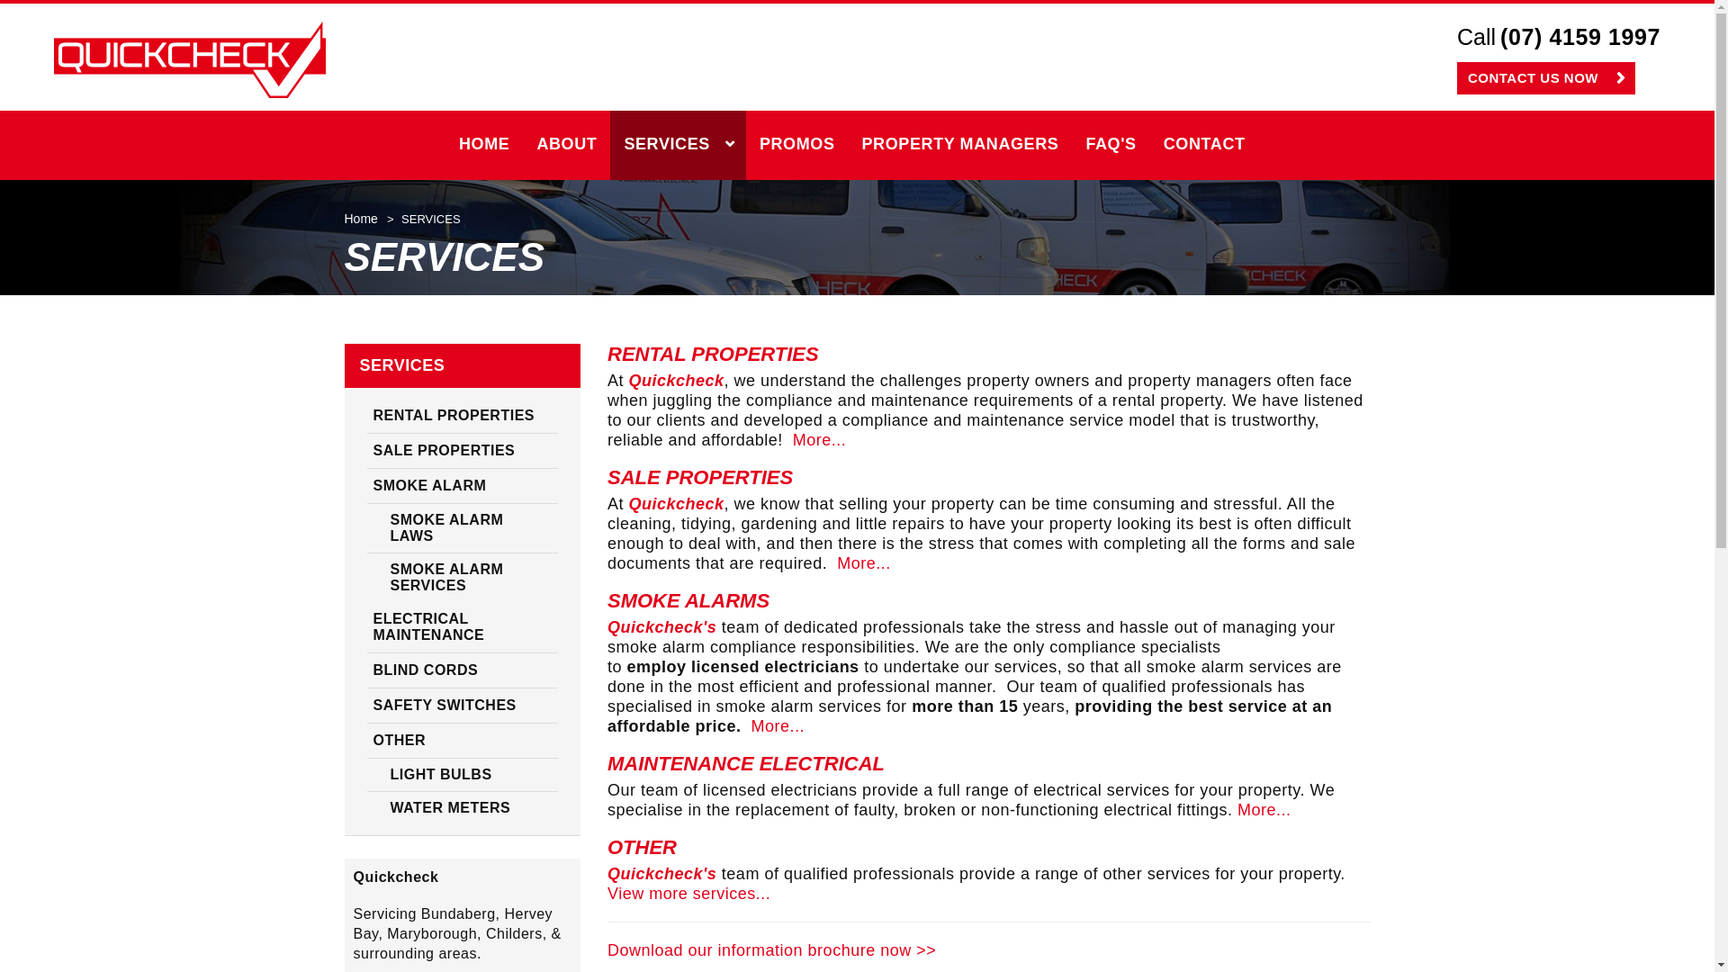 This screenshot has height=972, width=1728. What do you see at coordinates (1148, 144) in the screenshot?
I see `'CONTACT'` at bounding box center [1148, 144].